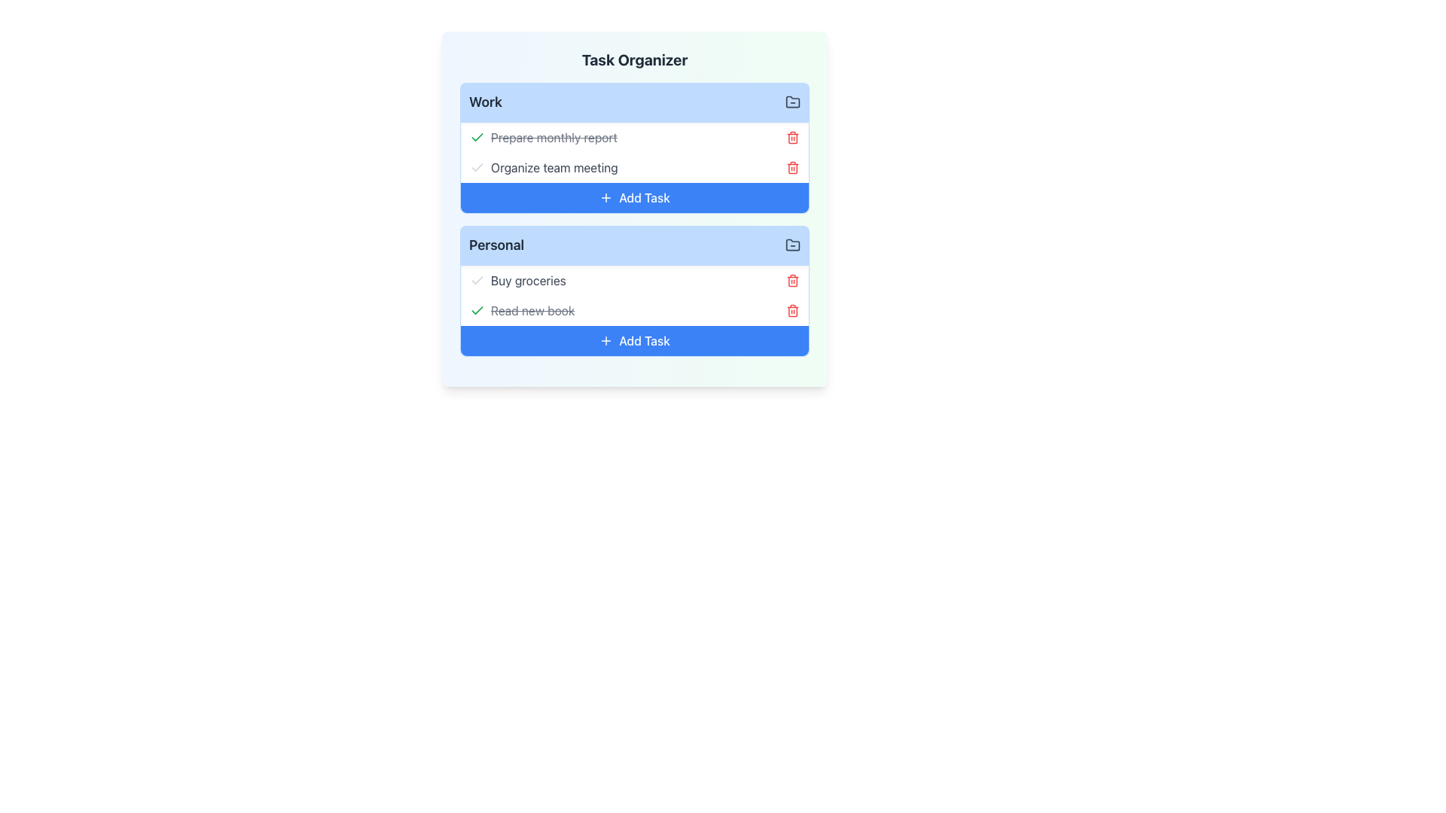 This screenshot has width=1446, height=813. I want to click on the delete icon button located to the far right of the 'Buy groceries' task item in the 'Personal' task group, so click(792, 281).